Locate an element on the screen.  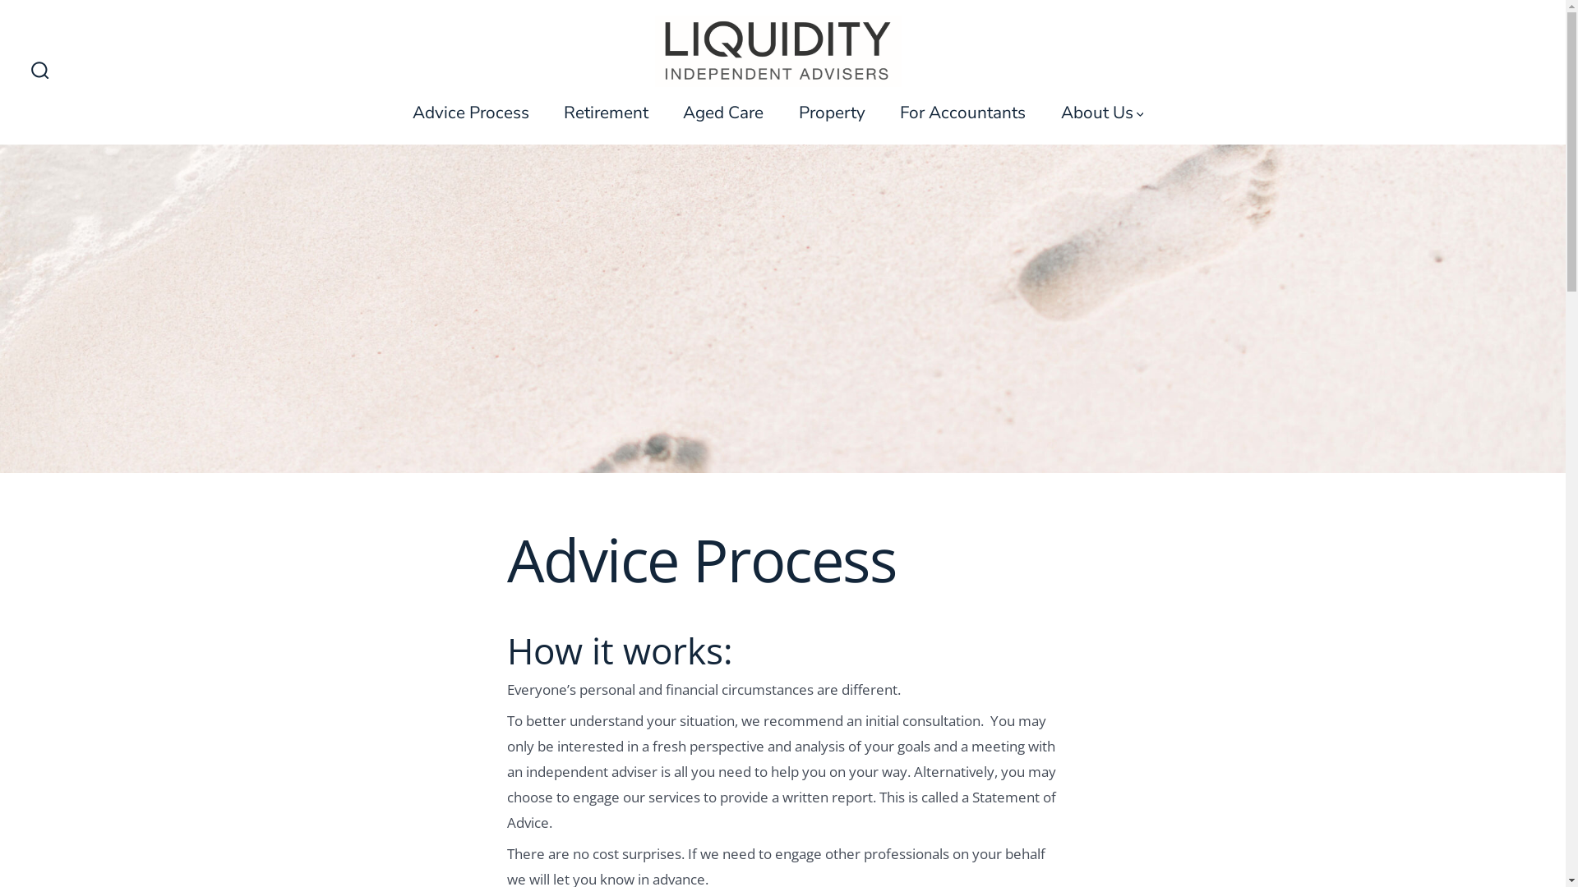
'Aged Care' is located at coordinates (722, 112).